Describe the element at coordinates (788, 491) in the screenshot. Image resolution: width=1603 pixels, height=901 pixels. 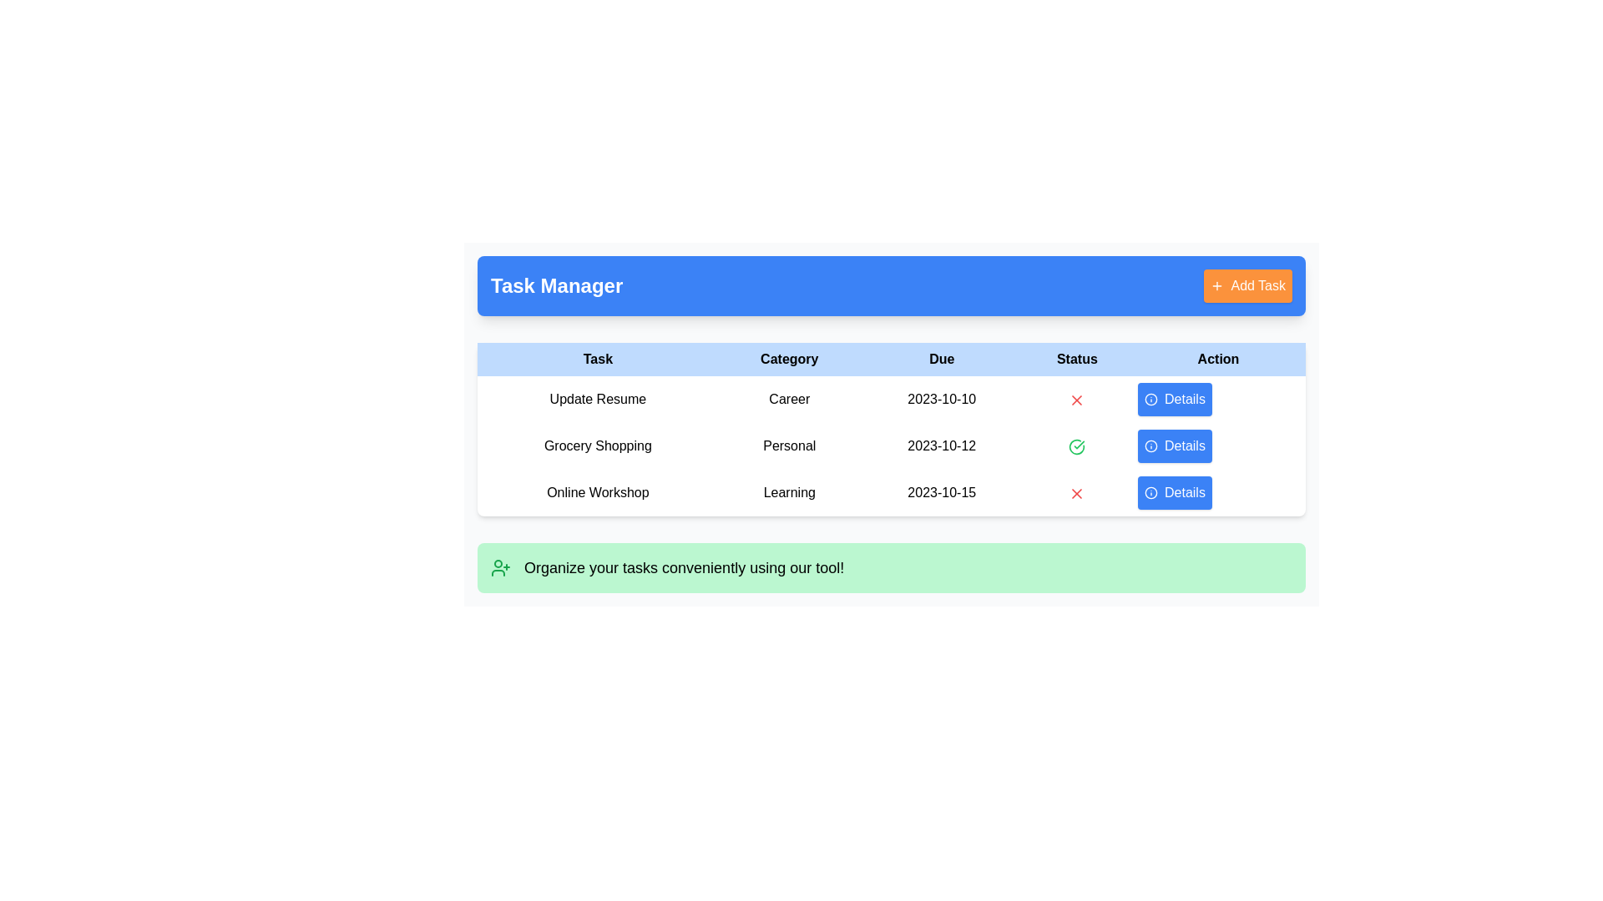
I see `the Text Label indicating the category associated with the 'Online Workshop' task, which is positioned in the middle column of the table row` at that location.